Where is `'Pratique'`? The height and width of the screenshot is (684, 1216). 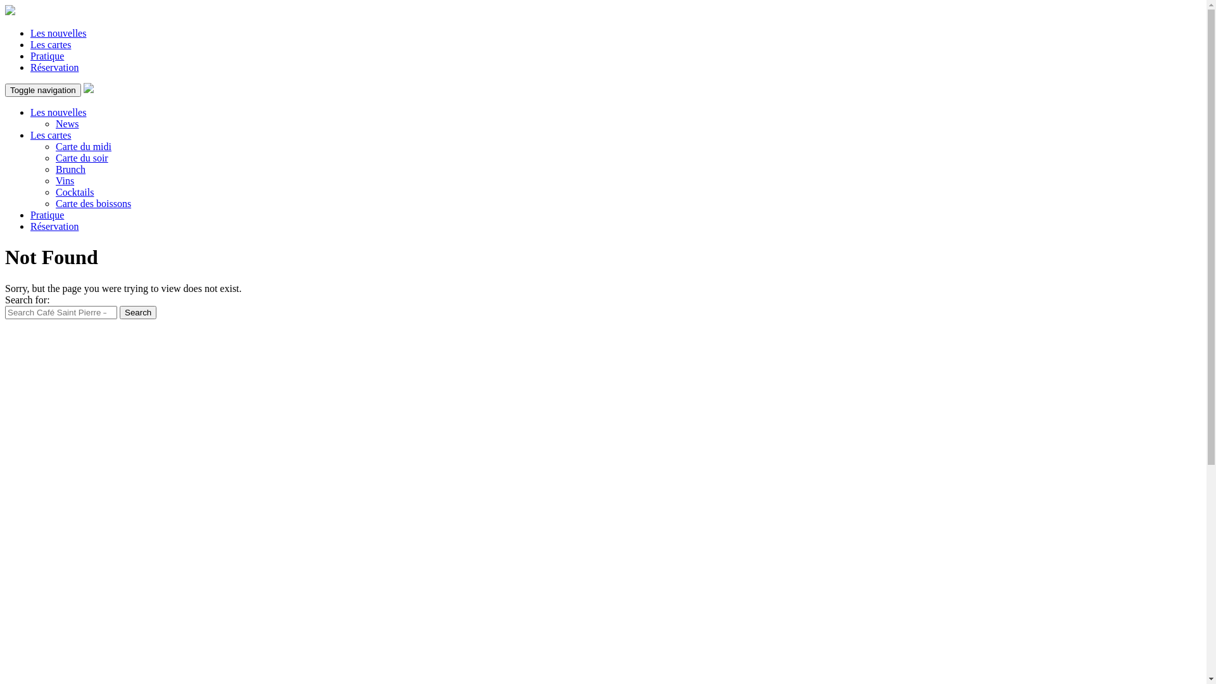 'Pratique' is located at coordinates (47, 55).